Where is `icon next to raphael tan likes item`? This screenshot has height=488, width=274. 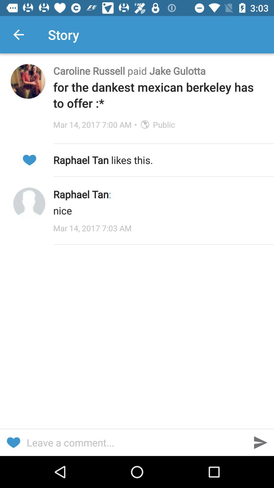
icon next to raphael tan likes item is located at coordinates (29, 160).